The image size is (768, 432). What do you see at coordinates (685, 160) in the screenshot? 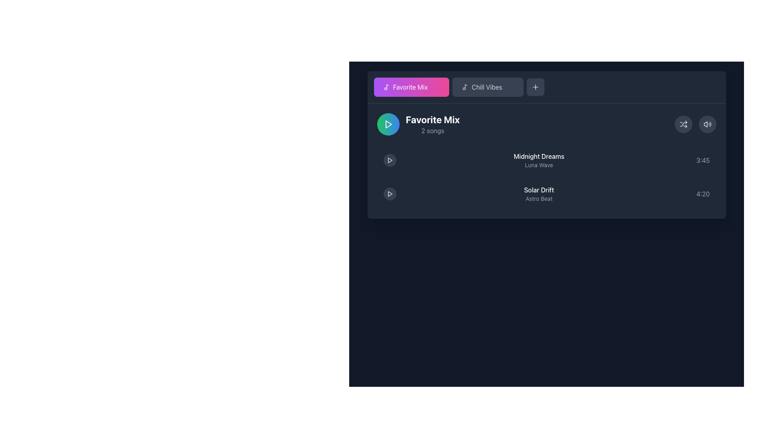
I see `the 'like' button located in the second column of the list item for the song 'Midnight Dreams' to mark it as liked or a favorite` at bounding box center [685, 160].